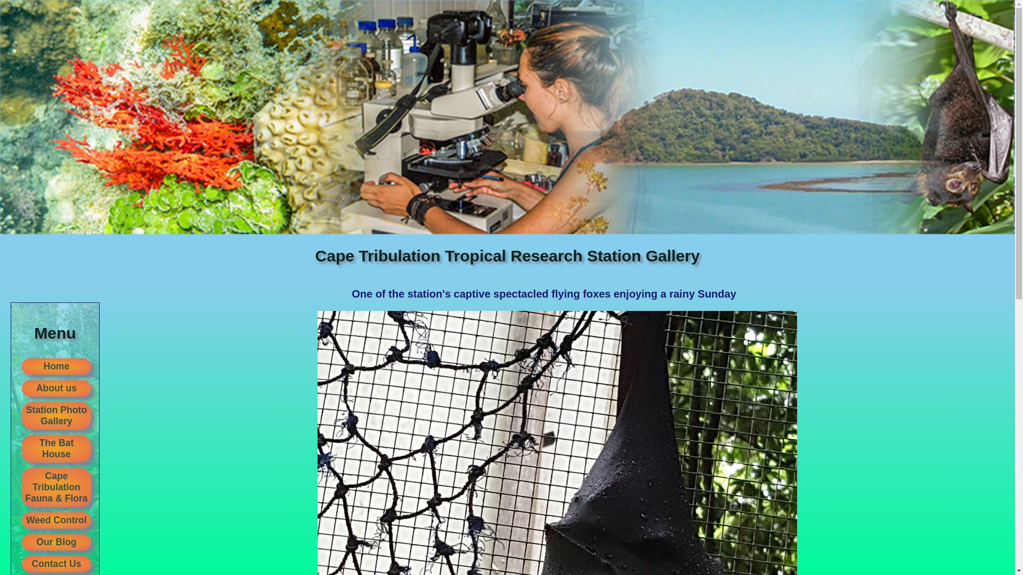  I want to click on 'Weed Control', so click(55, 520).